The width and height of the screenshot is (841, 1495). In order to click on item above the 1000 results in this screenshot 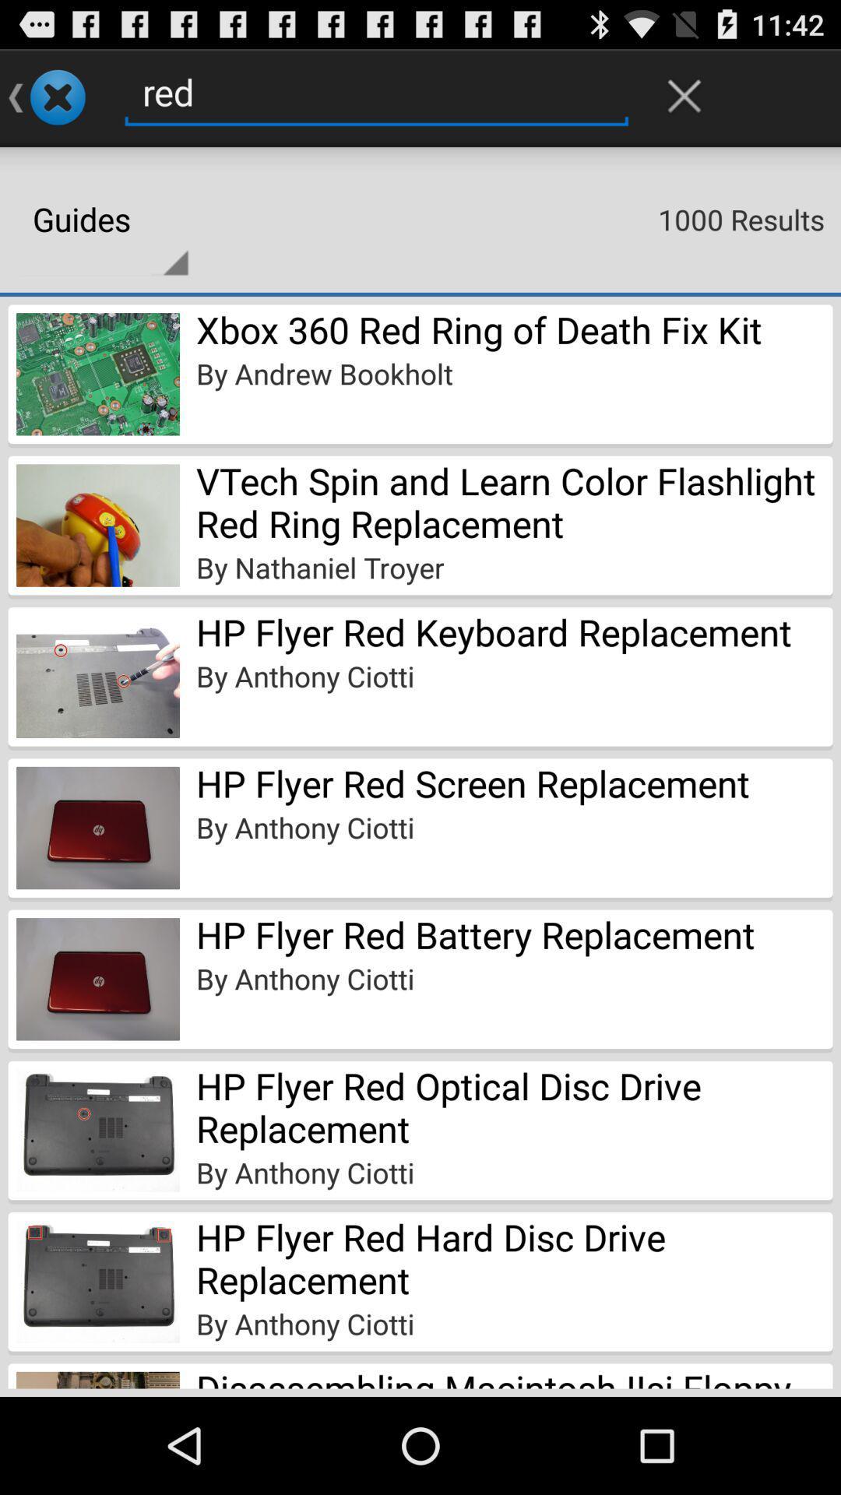, I will do `click(684, 95)`.